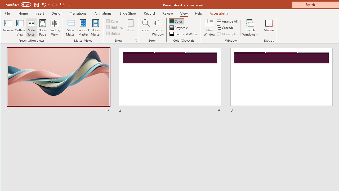 The height and width of the screenshot is (191, 339). What do you see at coordinates (209, 28) in the screenshot?
I see `'New Window'` at bounding box center [209, 28].